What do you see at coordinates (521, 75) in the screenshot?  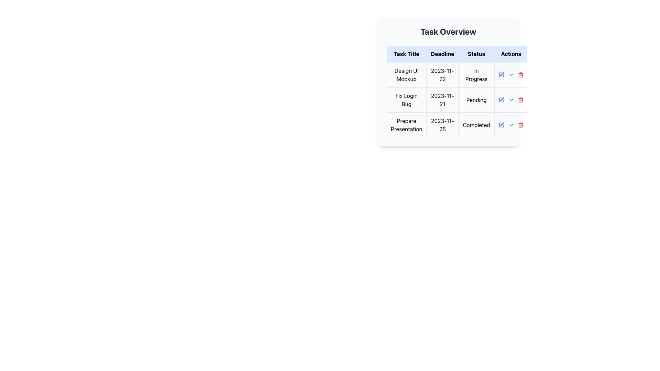 I see `the red trash bin icon button in the 'Actions' column of the 'Task Overview' table` at bounding box center [521, 75].